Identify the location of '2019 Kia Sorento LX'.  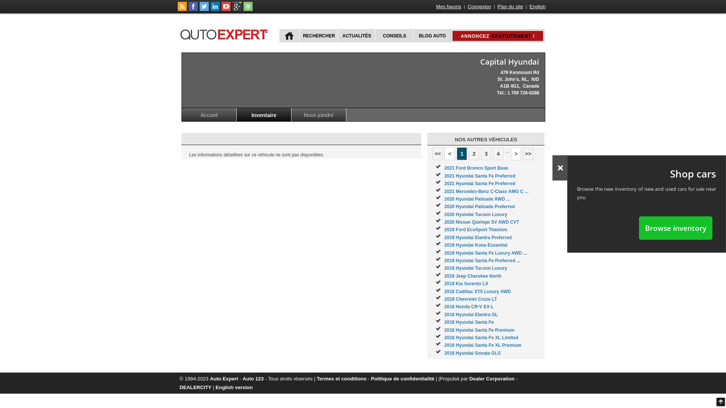
(466, 284).